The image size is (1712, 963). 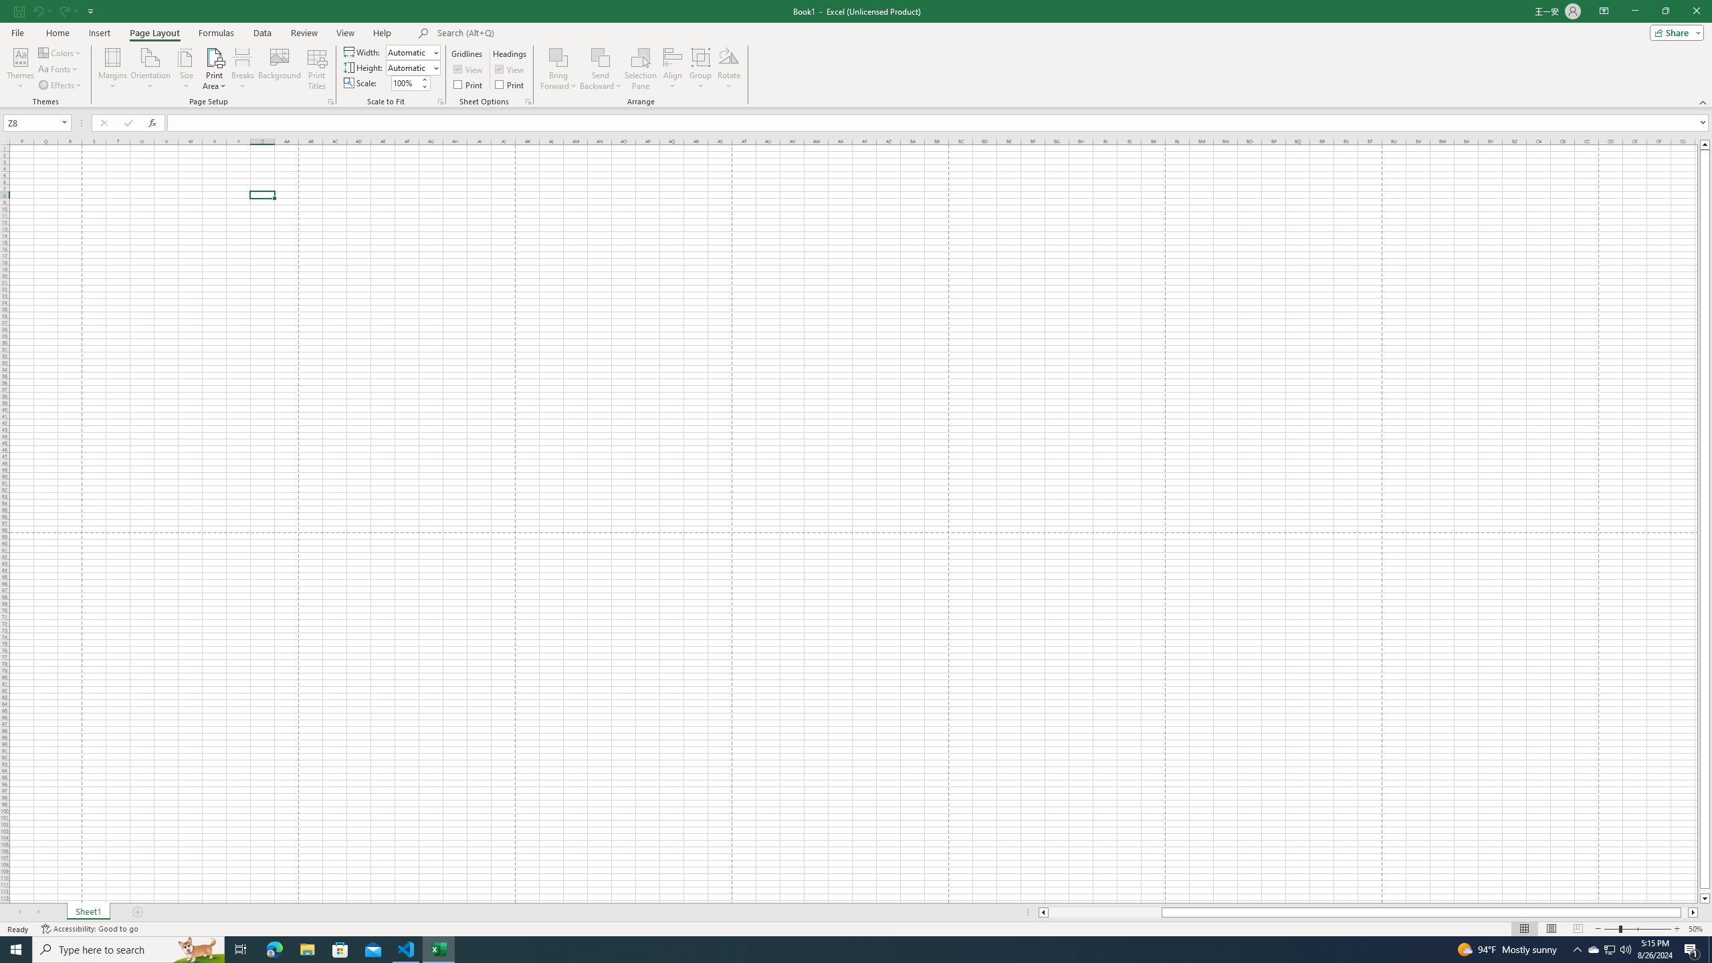 I want to click on 'Bring Forward', so click(x=558, y=56).